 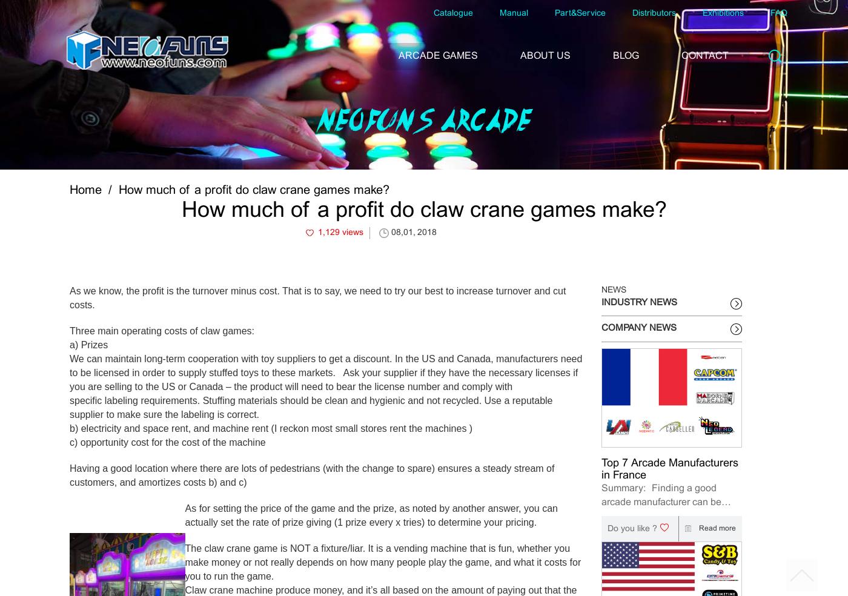 What do you see at coordinates (185, 561) in the screenshot?
I see `'The claw crane game is NOT a fixture/liar. It is a vending machine that is fun, whether you make money or not really depends on how many people play the game, and what it costs for you to run the game.'` at bounding box center [185, 561].